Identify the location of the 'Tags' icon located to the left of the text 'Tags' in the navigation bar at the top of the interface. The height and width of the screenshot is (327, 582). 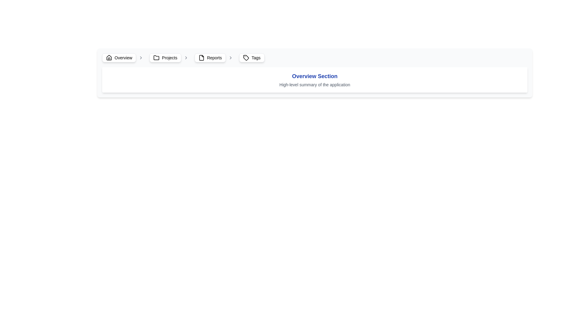
(246, 58).